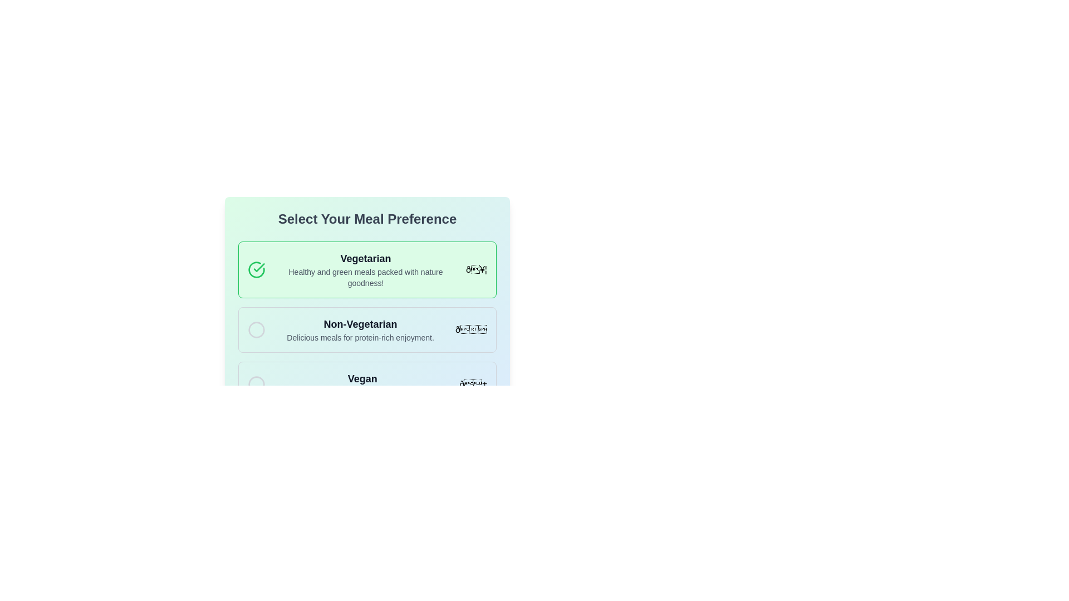  What do you see at coordinates (362, 383) in the screenshot?
I see `text block that provides information about the 'Vegan' meal preference option, which is positioned between the 'Non-Vegetarian' option and other meal choices` at bounding box center [362, 383].